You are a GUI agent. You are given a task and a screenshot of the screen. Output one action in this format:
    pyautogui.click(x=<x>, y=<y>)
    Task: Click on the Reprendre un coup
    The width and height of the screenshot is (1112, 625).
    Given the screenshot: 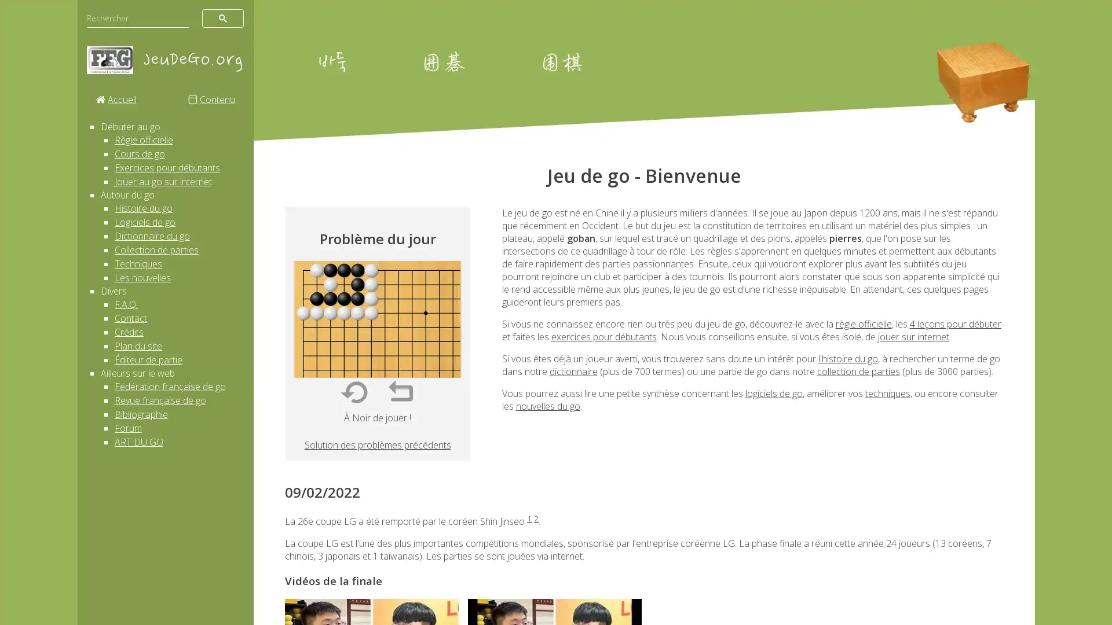 What is the action you would take?
    pyautogui.click(x=400, y=391)
    